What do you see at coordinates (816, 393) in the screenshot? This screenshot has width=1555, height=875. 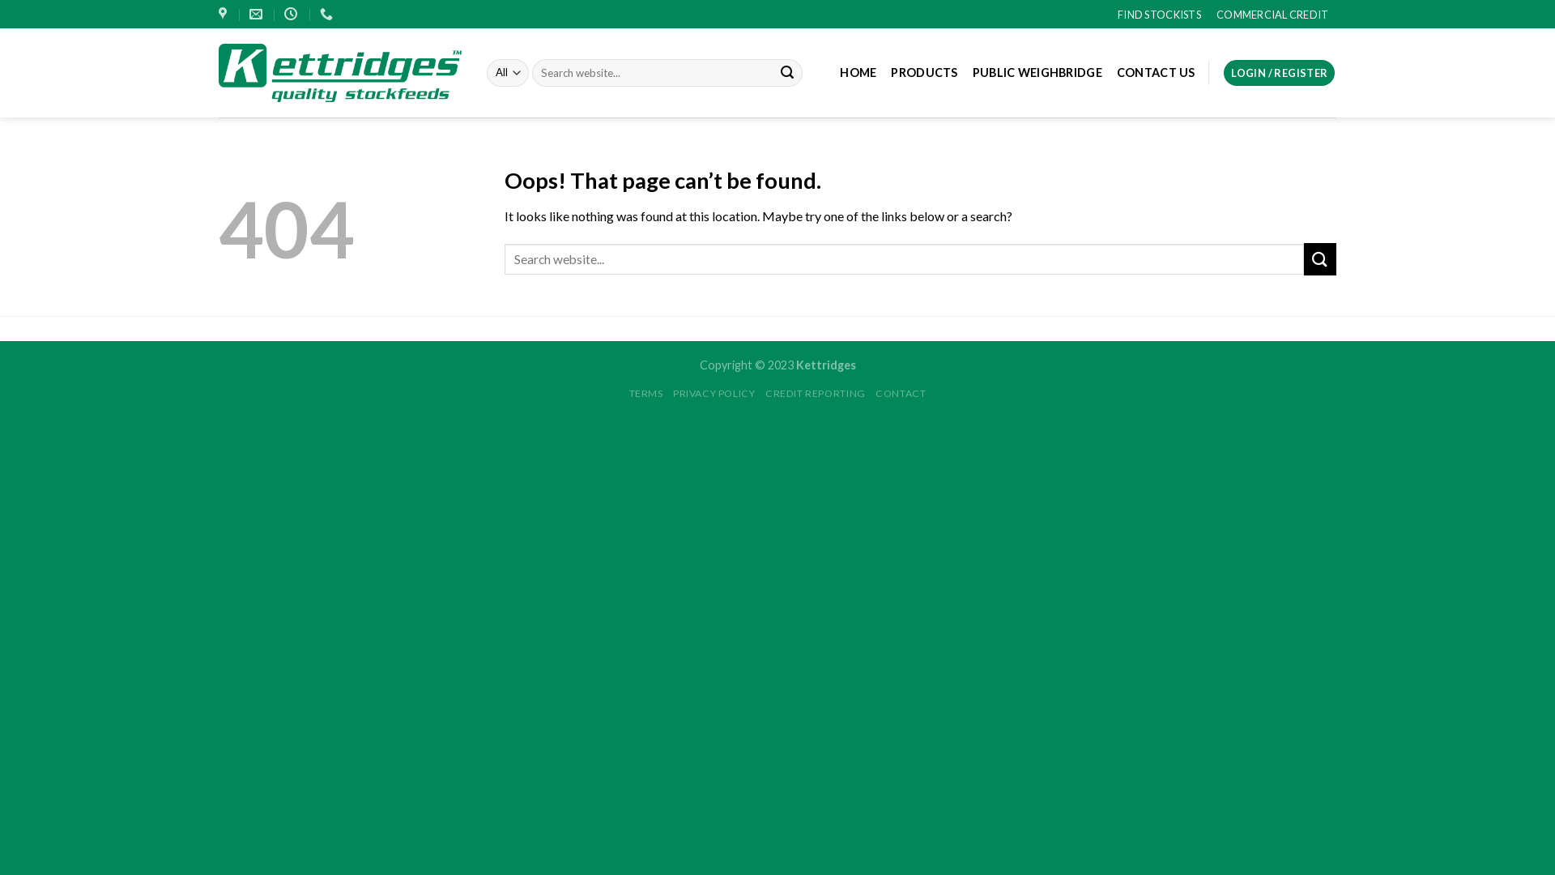 I see `'CREDIT REPORTING'` at bounding box center [816, 393].